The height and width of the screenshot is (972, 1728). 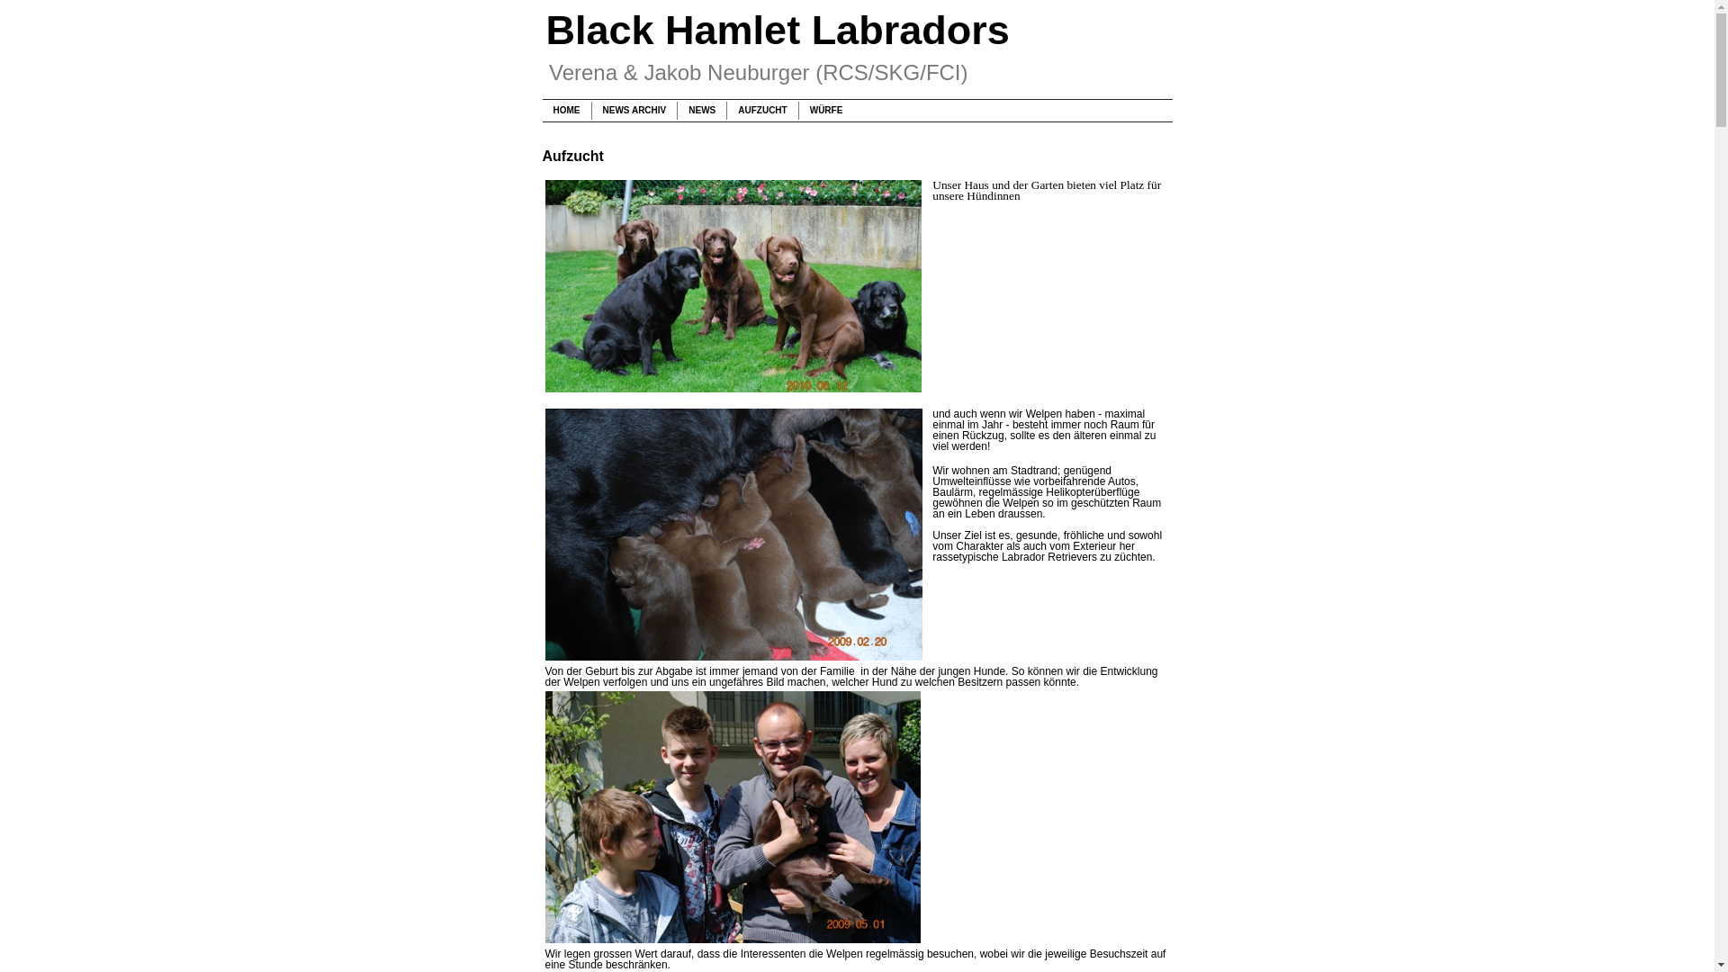 What do you see at coordinates (634, 111) in the screenshot?
I see `'NEWS ARCHIV'` at bounding box center [634, 111].